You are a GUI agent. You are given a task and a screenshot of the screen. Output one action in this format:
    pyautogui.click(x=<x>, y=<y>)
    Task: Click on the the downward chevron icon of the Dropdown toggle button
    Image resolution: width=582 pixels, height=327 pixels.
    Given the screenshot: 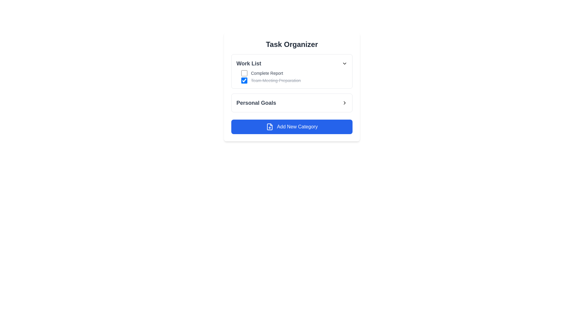 What is the action you would take?
    pyautogui.click(x=345, y=63)
    